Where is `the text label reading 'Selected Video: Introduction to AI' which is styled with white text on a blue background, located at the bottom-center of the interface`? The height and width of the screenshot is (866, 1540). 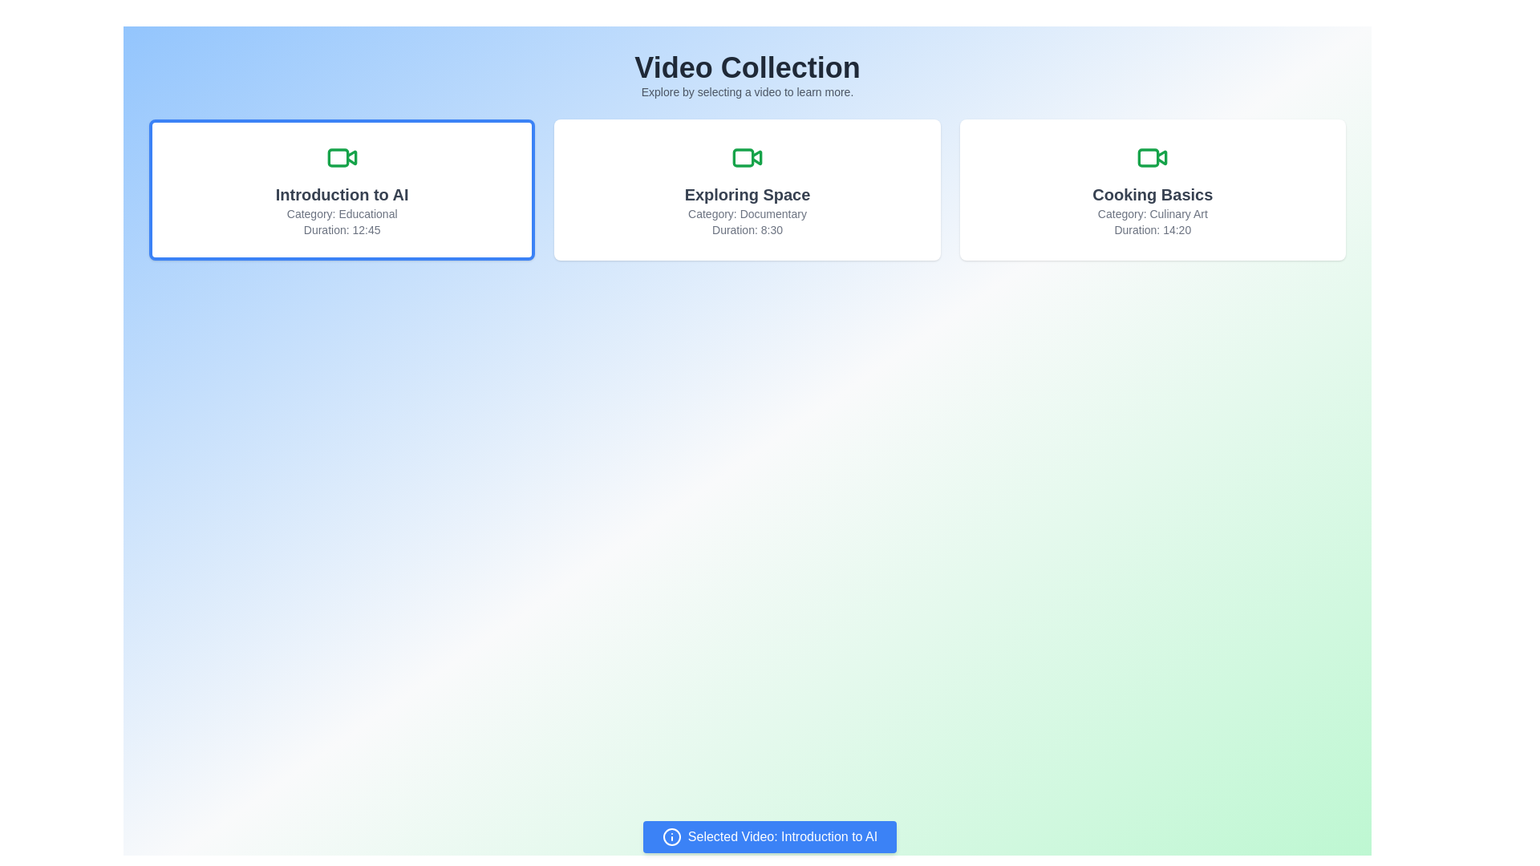 the text label reading 'Selected Video: Introduction to AI' which is styled with white text on a blue background, located at the bottom-center of the interface is located at coordinates (782, 836).